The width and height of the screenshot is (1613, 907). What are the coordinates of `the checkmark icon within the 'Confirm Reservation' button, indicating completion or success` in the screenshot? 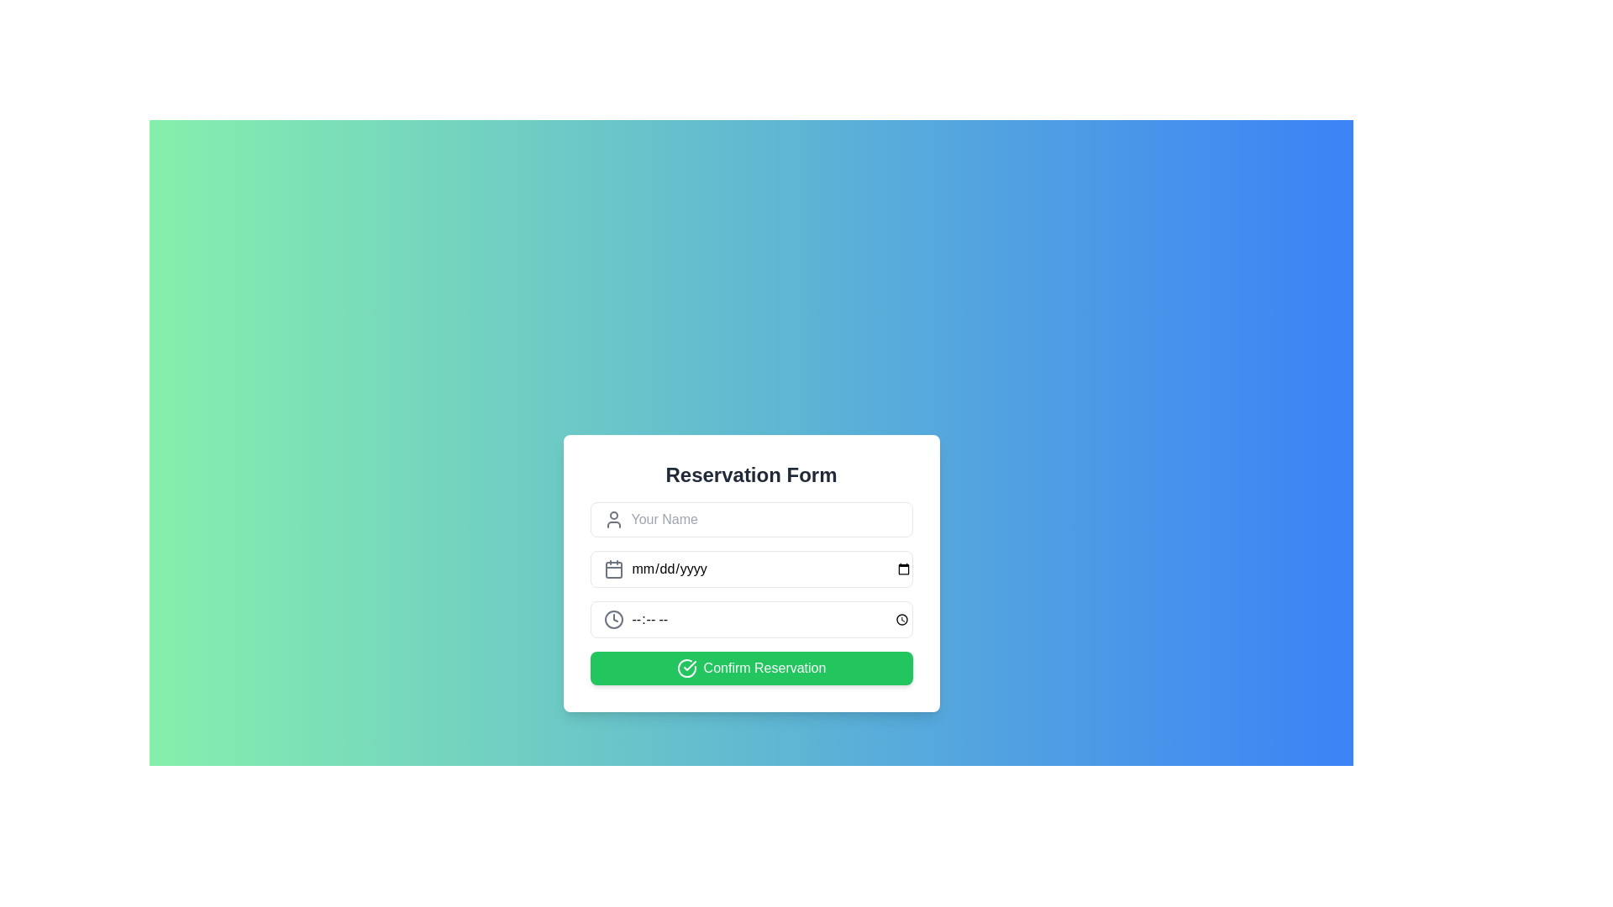 It's located at (686, 667).